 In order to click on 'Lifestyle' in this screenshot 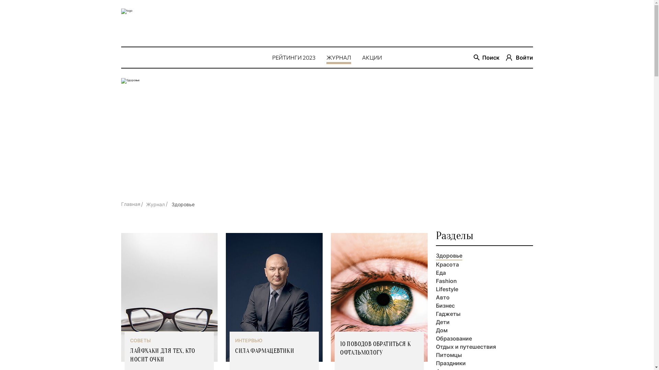, I will do `click(447, 289)`.